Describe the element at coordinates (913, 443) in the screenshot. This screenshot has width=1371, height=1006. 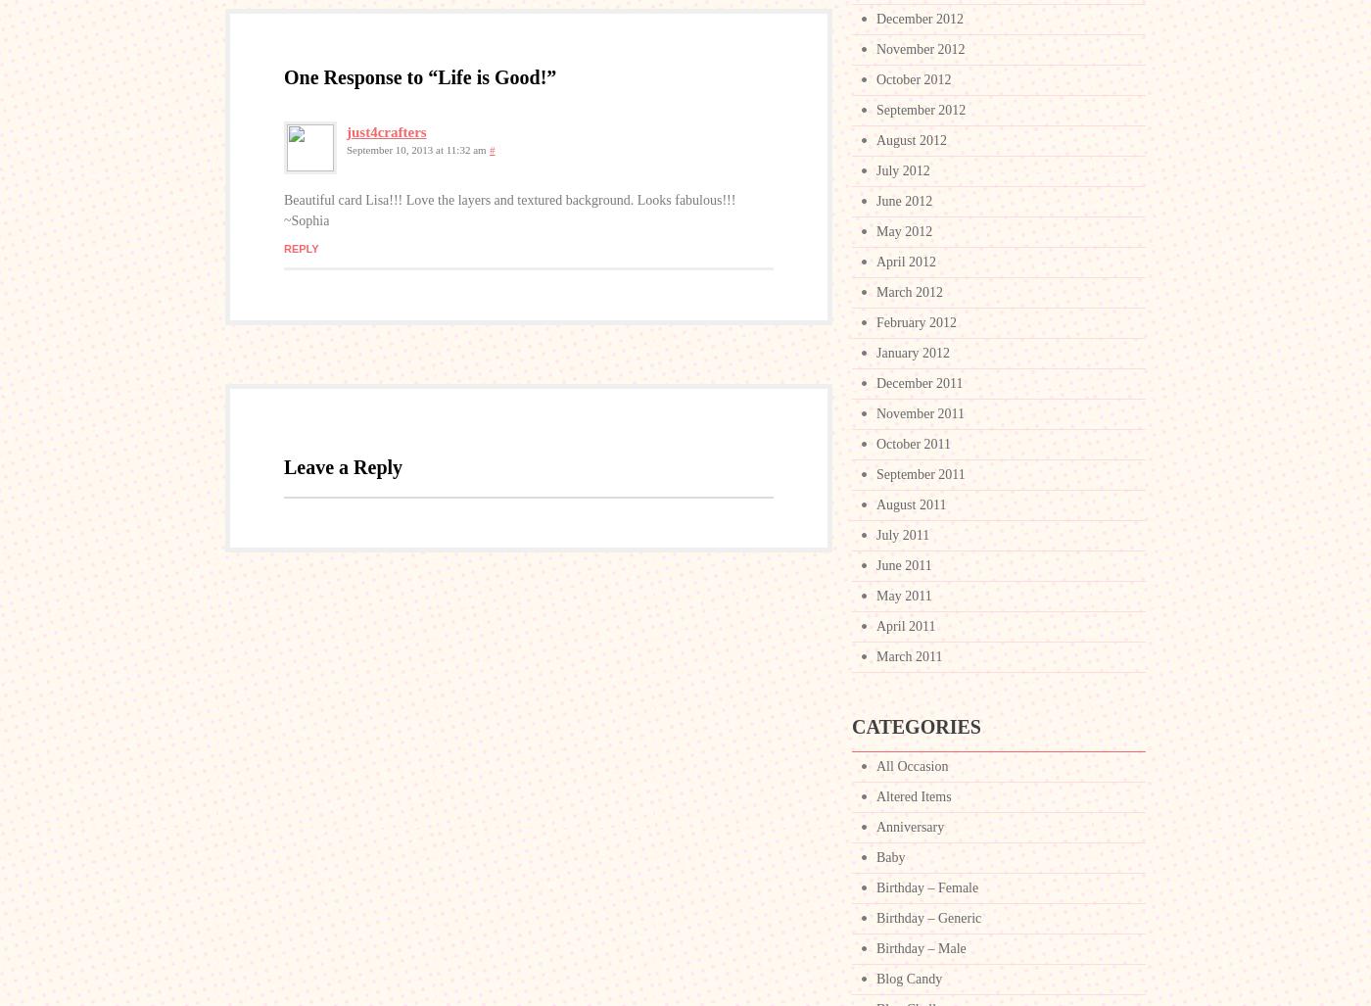
I see `'October 2011'` at that location.